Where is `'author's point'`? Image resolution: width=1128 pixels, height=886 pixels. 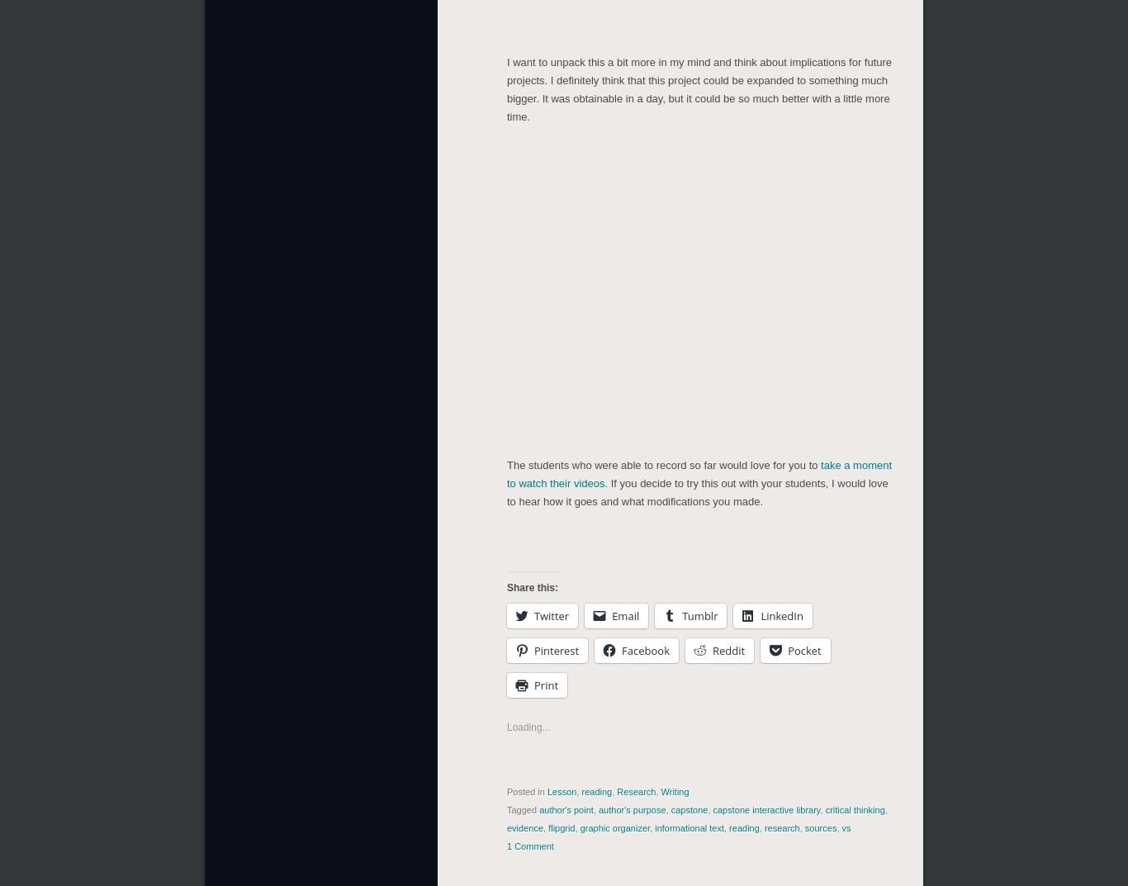 'author's point' is located at coordinates (566, 808).